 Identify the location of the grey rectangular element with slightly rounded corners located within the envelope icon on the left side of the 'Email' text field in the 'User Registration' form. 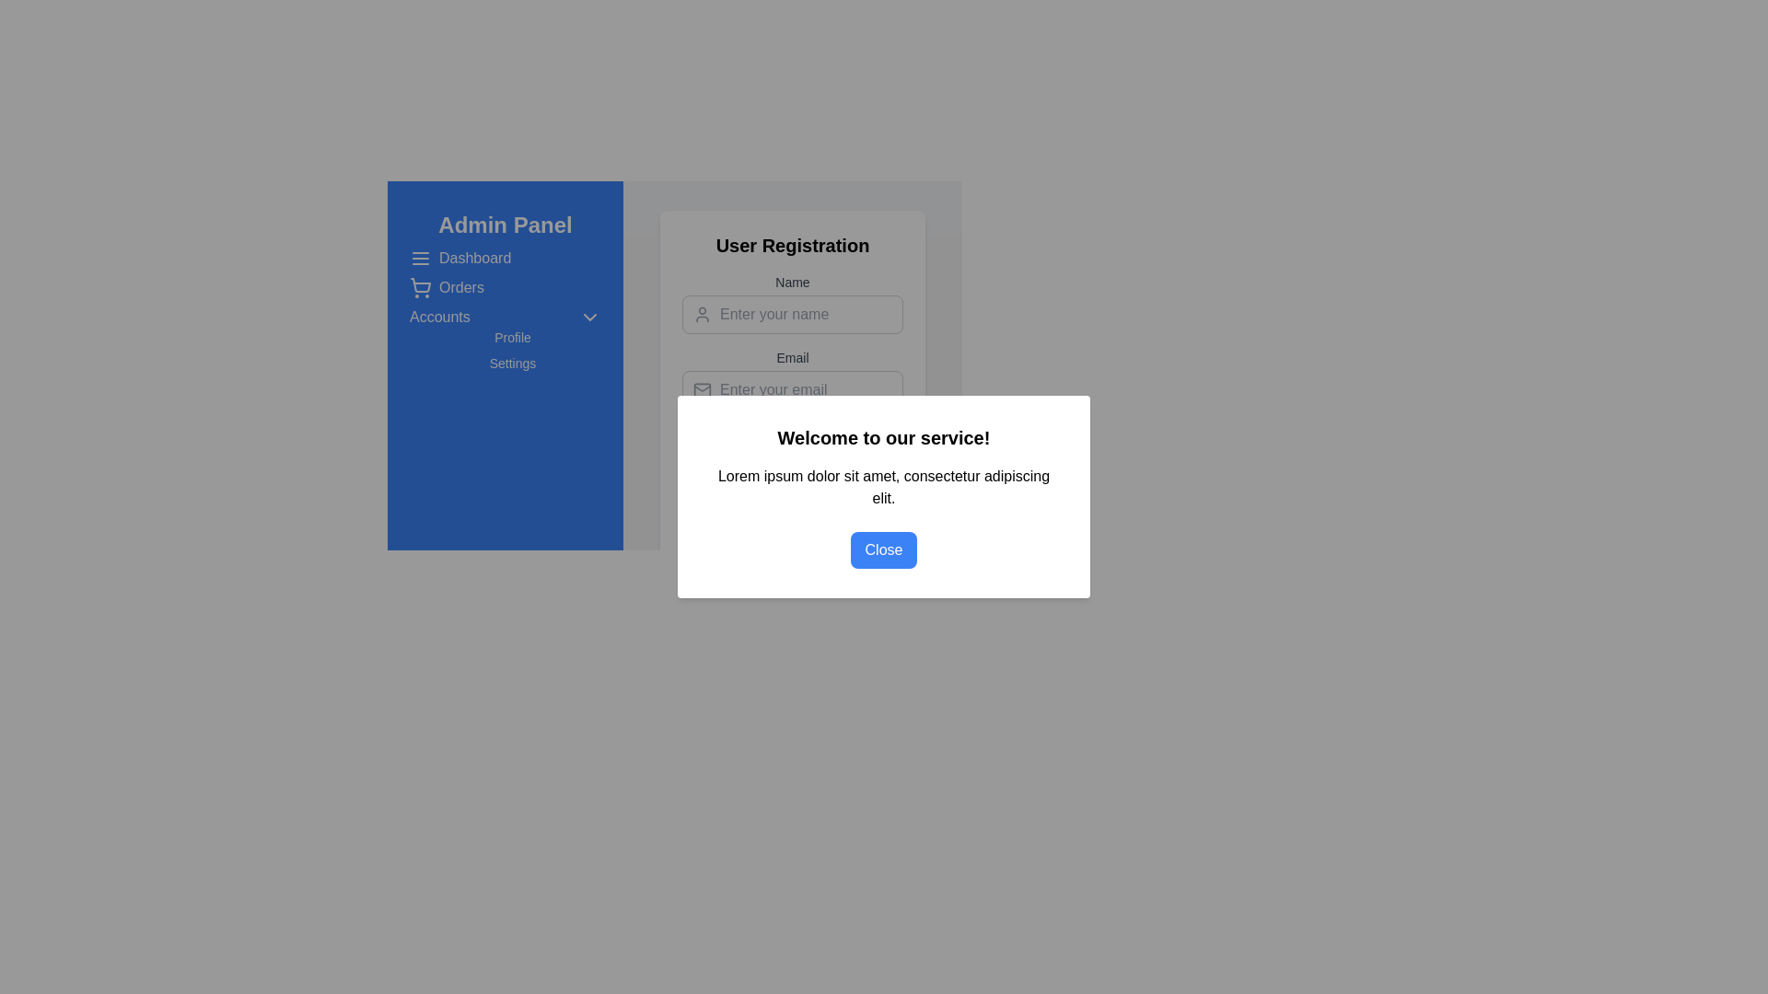
(702, 389).